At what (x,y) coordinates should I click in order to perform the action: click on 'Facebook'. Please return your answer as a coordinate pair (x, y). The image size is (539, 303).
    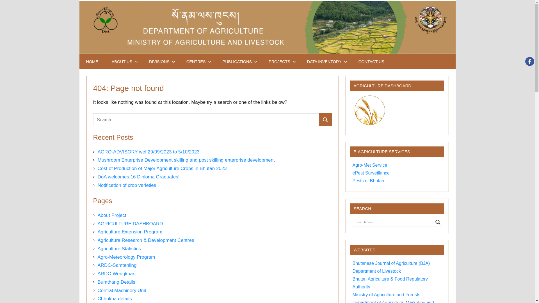
    Looking at the image, I should click on (529, 61).